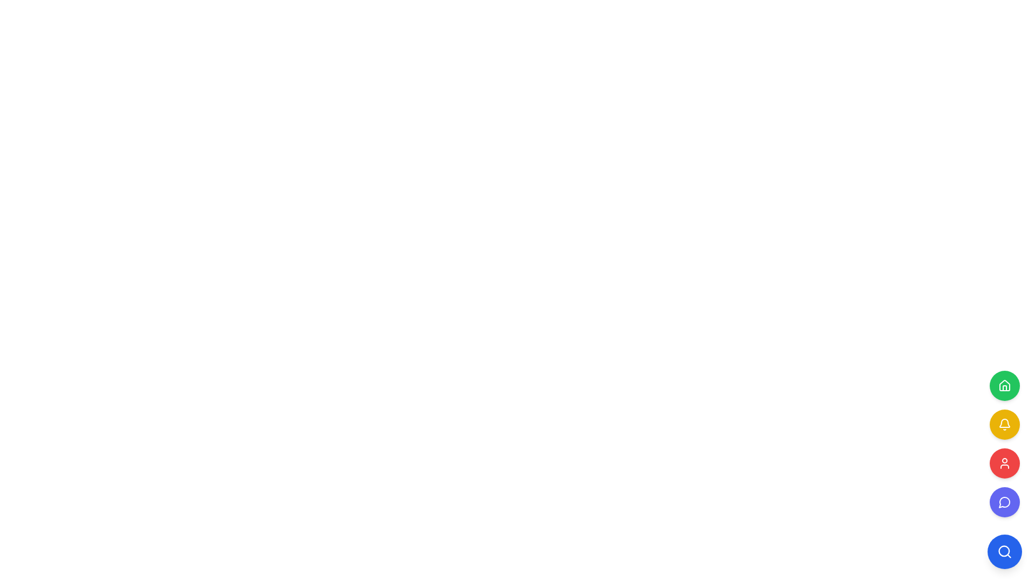  I want to click on the circular button with a deep blue background and a white magnifying glass icon located at the bottom-right corner of the interface, so click(1004, 551).